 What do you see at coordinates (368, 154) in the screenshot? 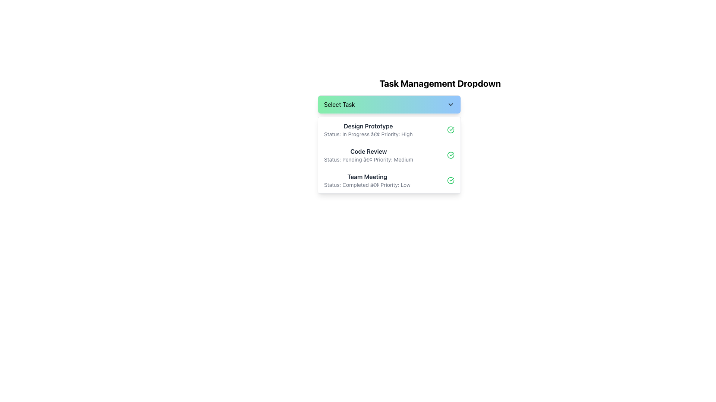
I see `the text label with the bold title 'Code Review' and the secondary line indicating 'Status: Pending • Priority: Medium' in the Task Management Dropdown` at bounding box center [368, 154].